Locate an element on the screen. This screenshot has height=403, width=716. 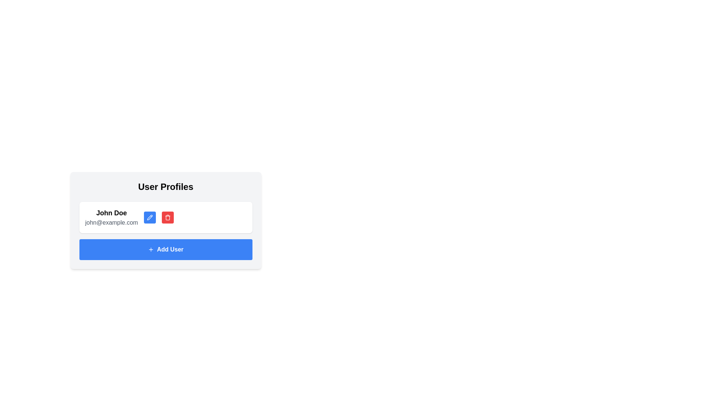
the 'Add User Profile' button located at the bottom center of the 'User Profiles' card layout is located at coordinates (165, 249).